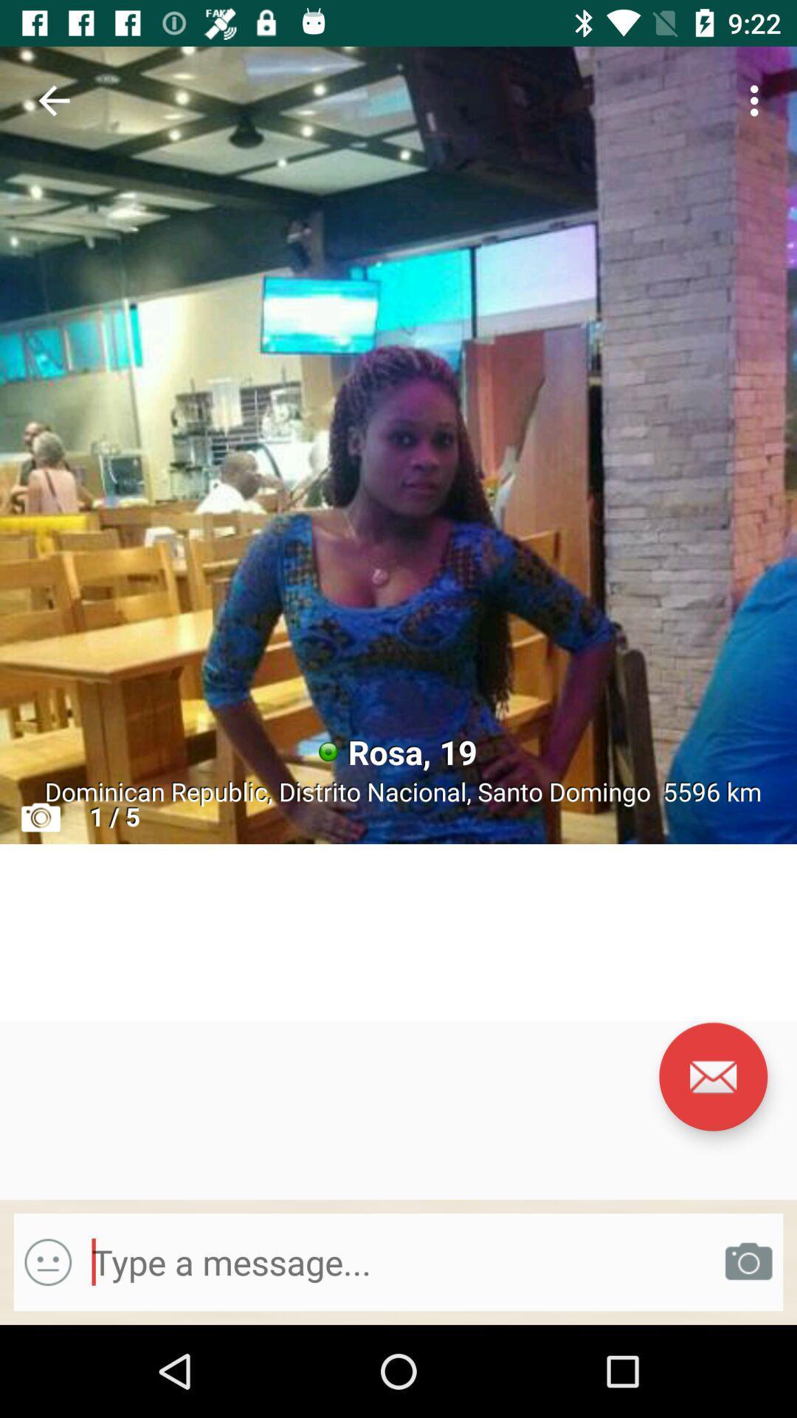 This screenshot has height=1418, width=797. Describe the element at coordinates (47, 1261) in the screenshot. I see `the emoji icon` at that location.